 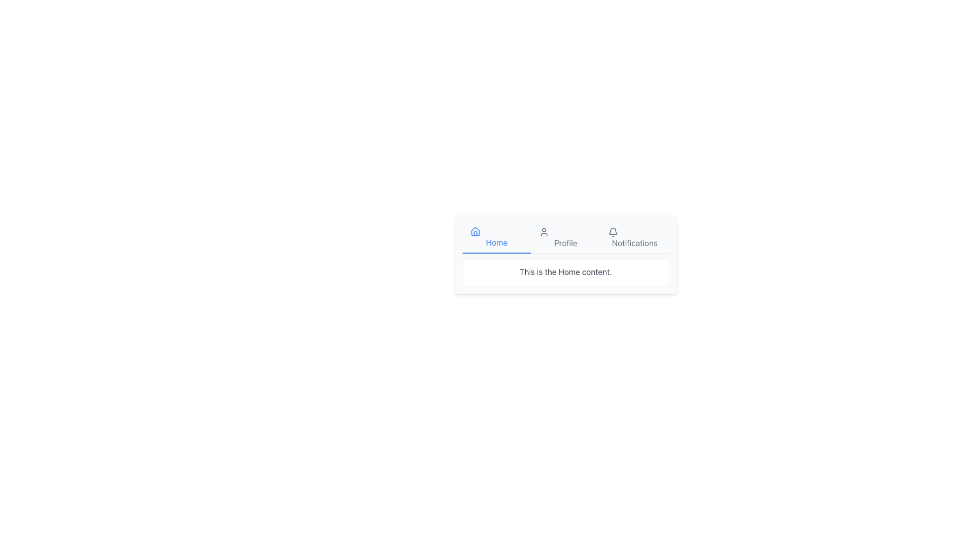 What do you see at coordinates (612, 232) in the screenshot?
I see `the bell icon located at the far right of the navigation bar` at bounding box center [612, 232].